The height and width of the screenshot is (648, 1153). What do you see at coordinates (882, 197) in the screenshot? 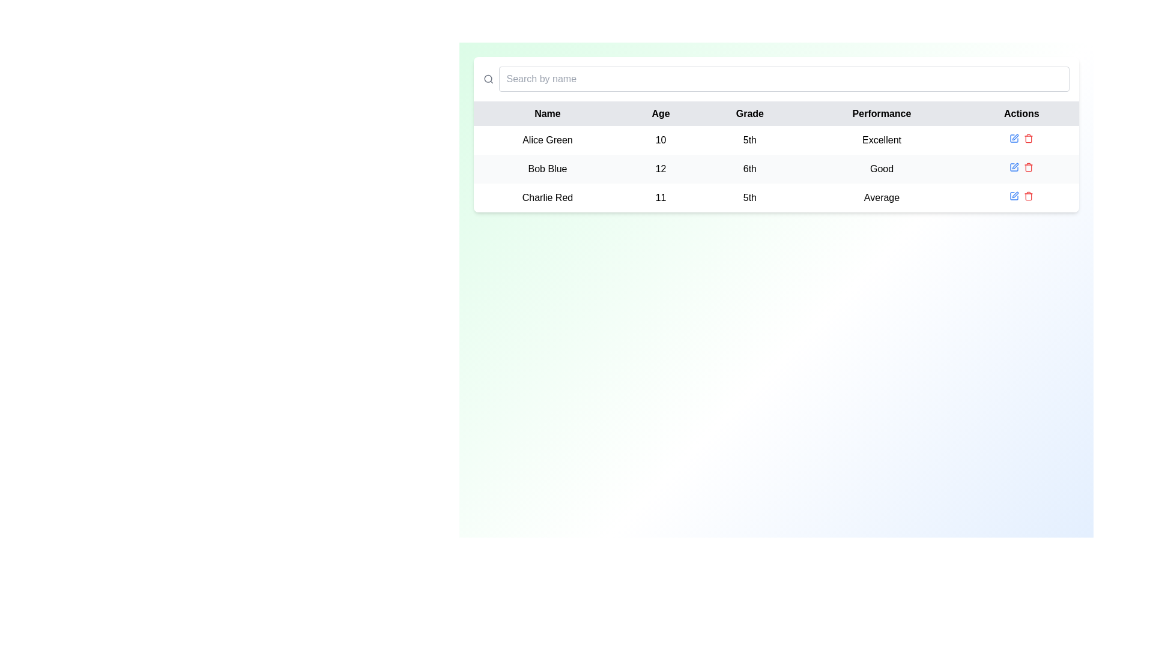
I see `the static text label indicating the performance rating for 'Charlie Red' in the fourth column of the third row of the data table` at bounding box center [882, 197].